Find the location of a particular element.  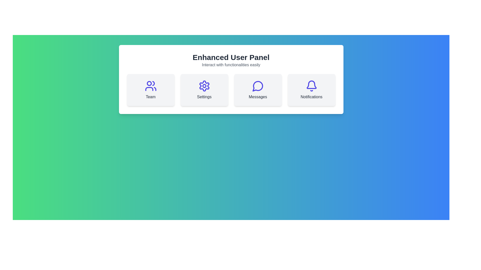

the vibrant indigo settings gear icon located above the 'Settings' label in the second card from the left is located at coordinates (204, 85).